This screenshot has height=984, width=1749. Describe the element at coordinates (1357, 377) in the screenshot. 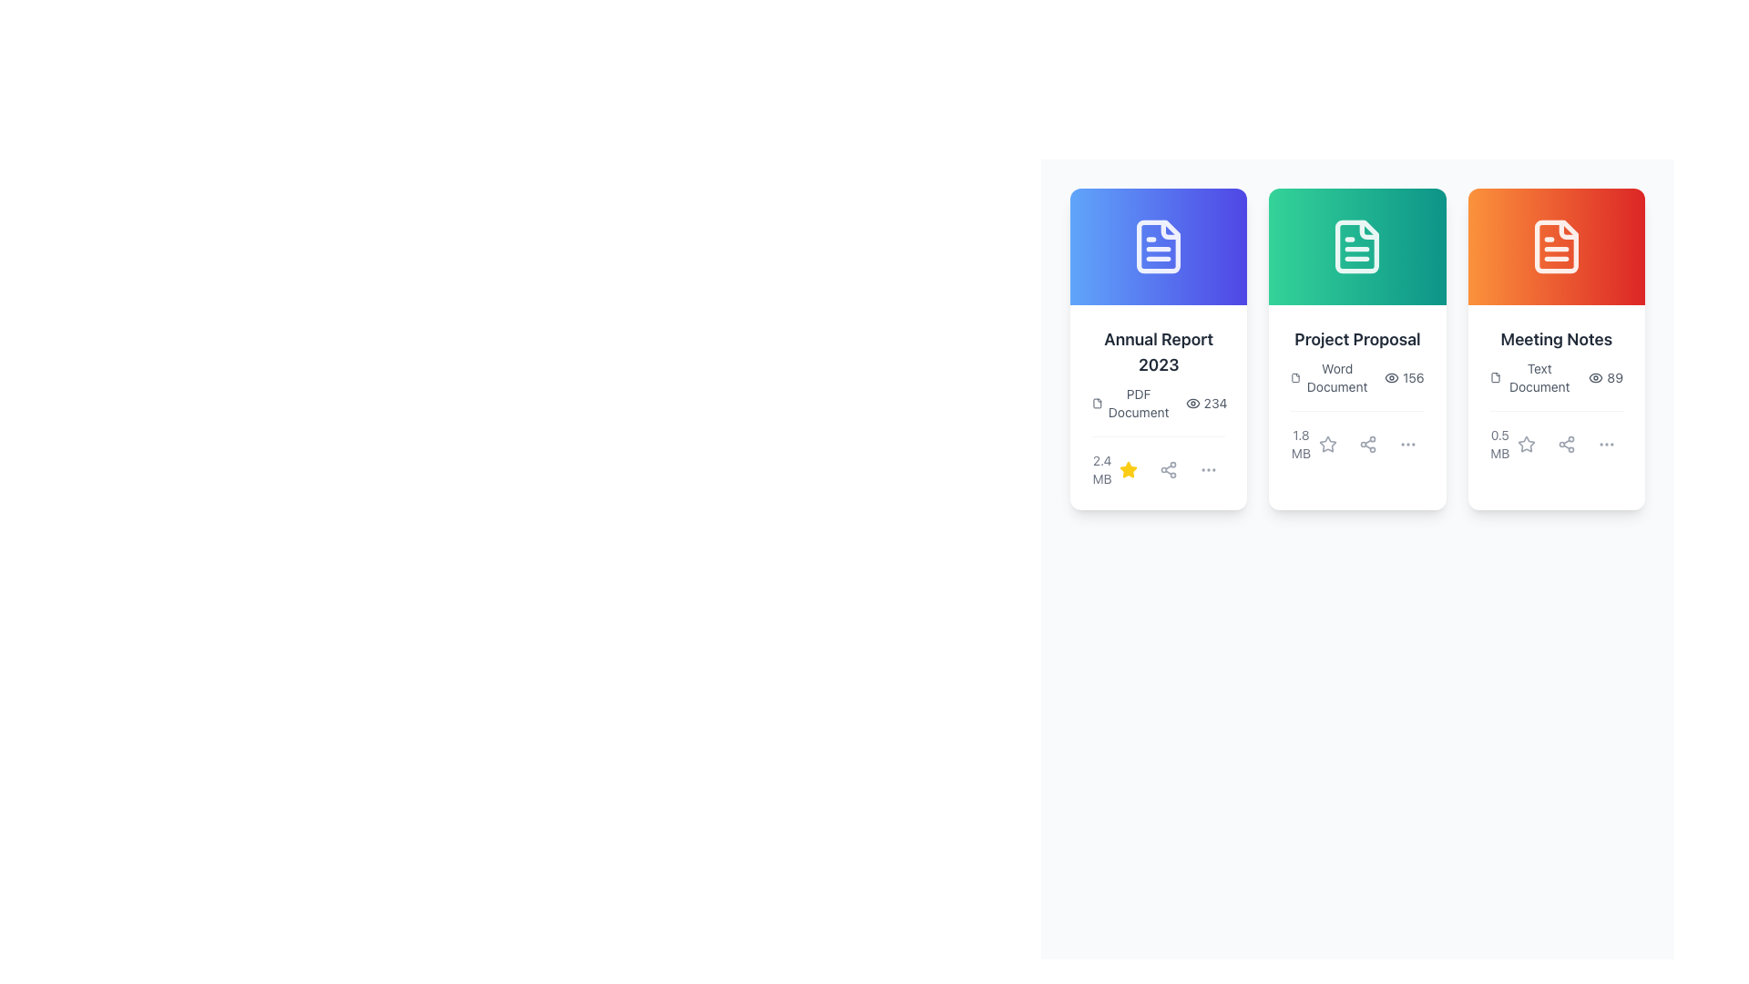

I see `the text label 'Word Document 156' with associated icons, which is located within the 'Project Proposal' card, below the main title and between the title and the file size information` at that location.